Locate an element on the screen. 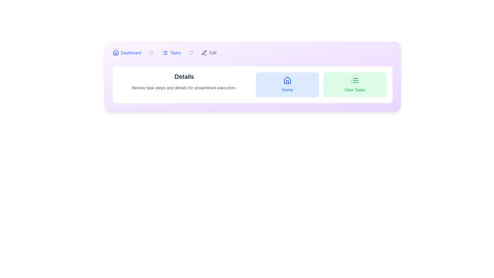 This screenshot has width=494, height=278. the task icon located in the middle of the top purple-colored navigation area, immediately to the left of the 'Tasks' text is located at coordinates (165, 53).